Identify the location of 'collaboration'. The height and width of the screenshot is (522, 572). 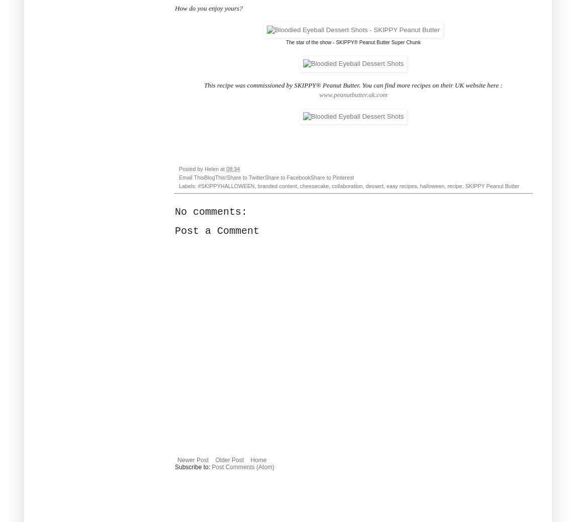
(347, 186).